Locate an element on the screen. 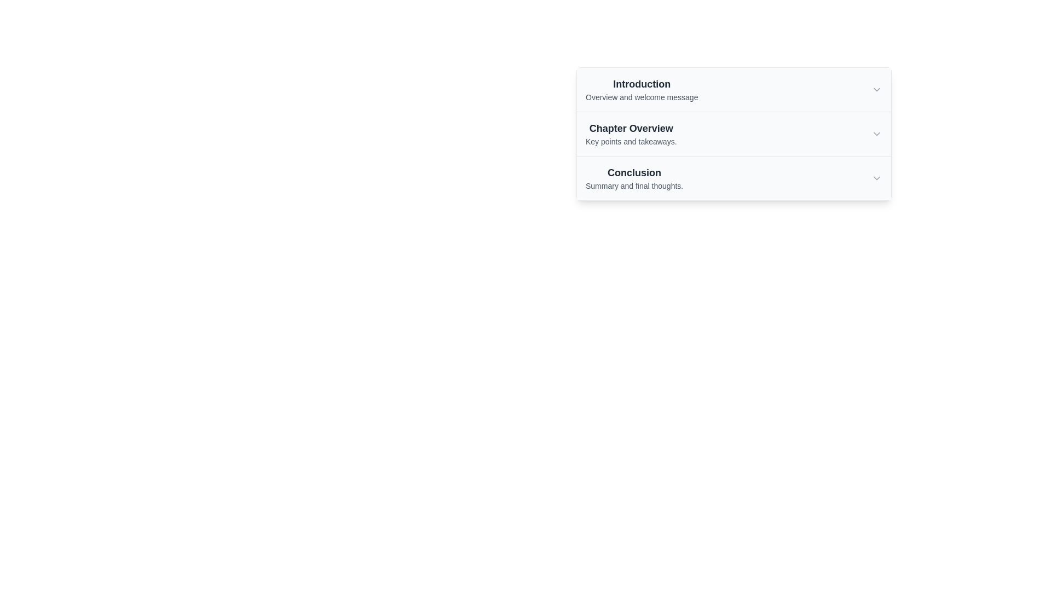 The image size is (1051, 591). the Text block containing the bold, large gray text 'Introduction' and the smaller, lighter gray text 'Overview and welcome message', which is the first item in the sidebar-like structure is located at coordinates (642, 89).